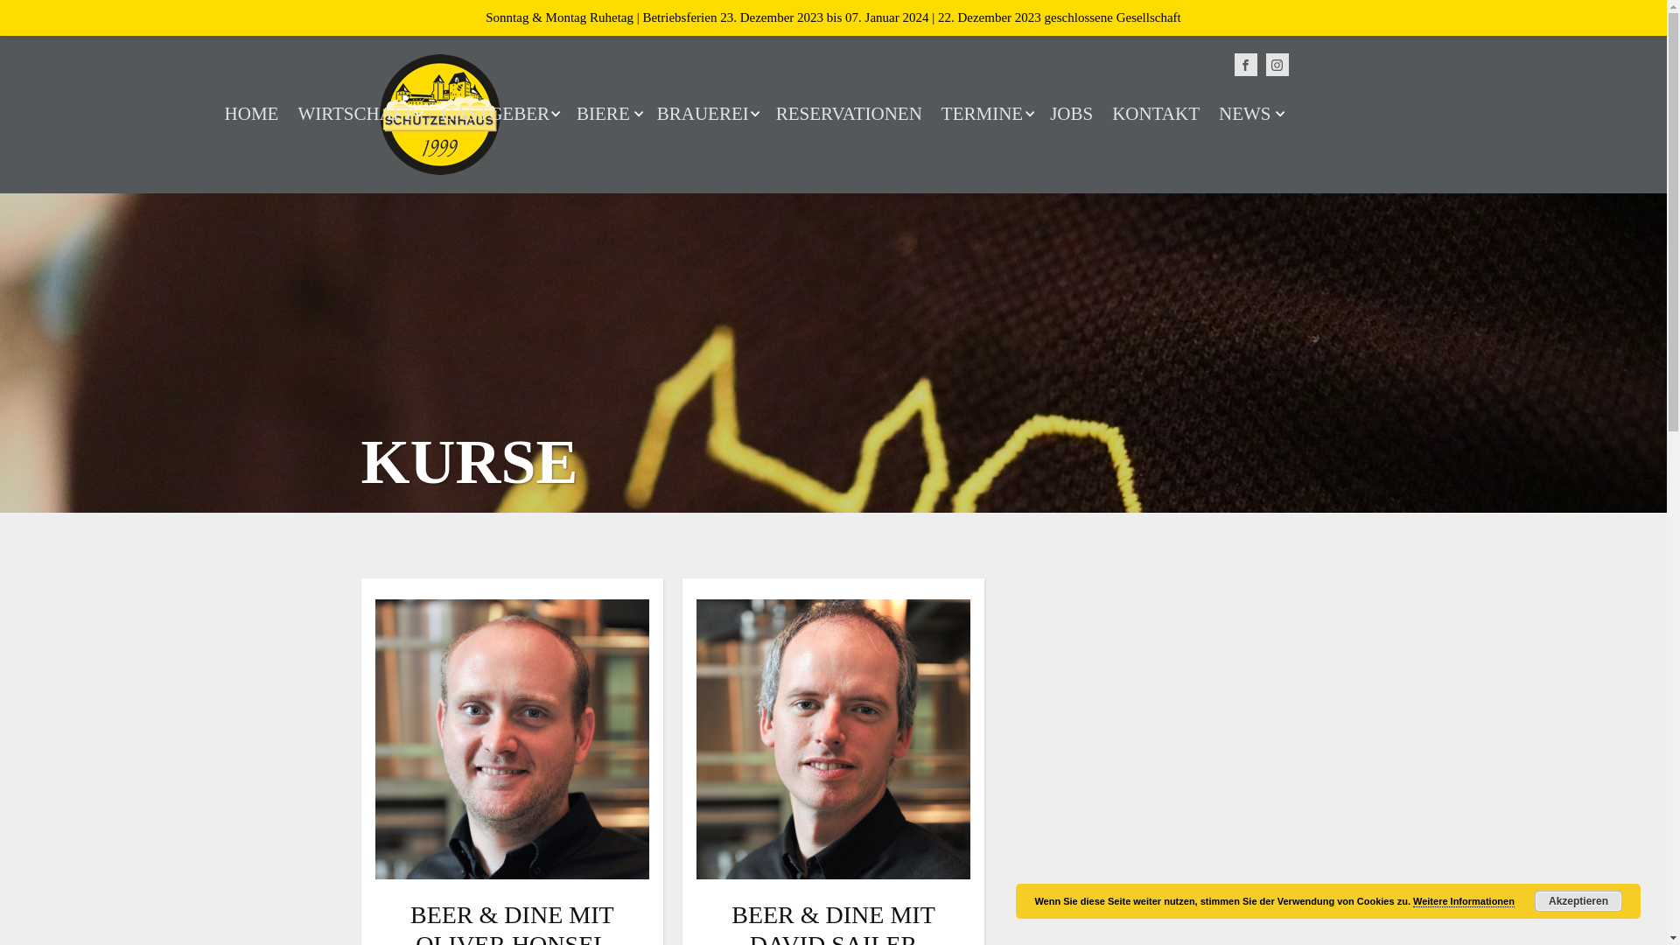 This screenshot has width=1680, height=945. What do you see at coordinates (498, 115) in the screenshot?
I see `'GASTGEBER'` at bounding box center [498, 115].